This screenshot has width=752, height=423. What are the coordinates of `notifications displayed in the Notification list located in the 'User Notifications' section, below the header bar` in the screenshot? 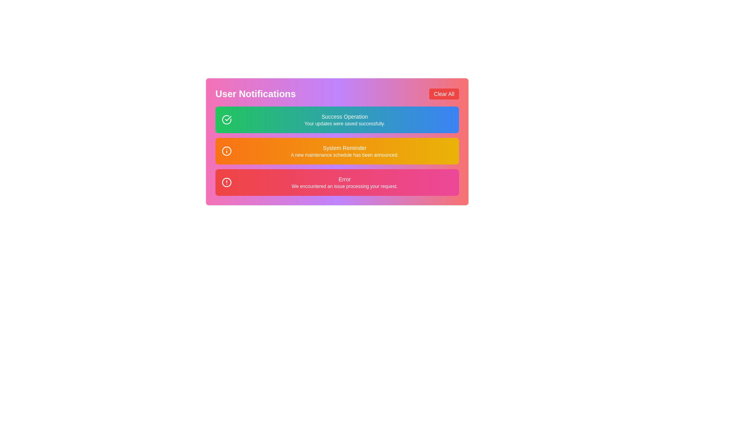 It's located at (337, 151).